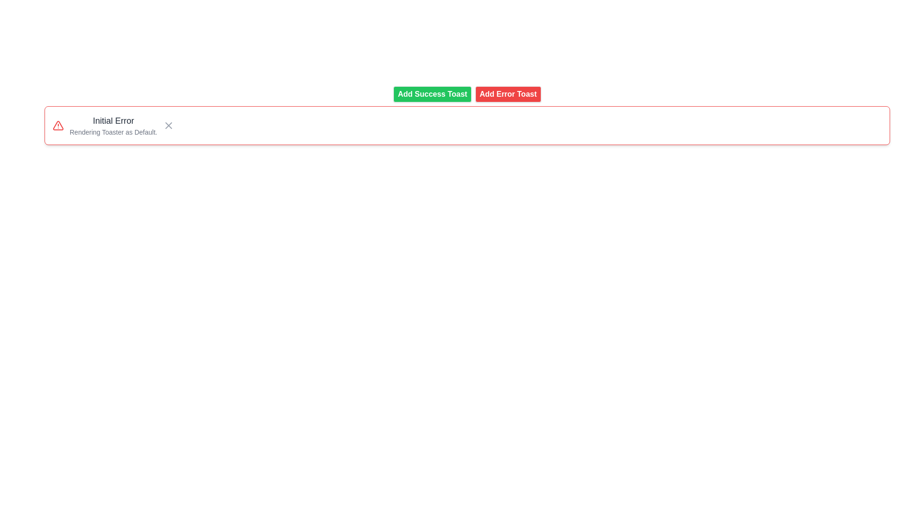 The image size is (910, 512). I want to click on the button that triggers an error toast notification, which is located to the right of the 'Add Success Toast' button, to observe the color change, so click(508, 94).